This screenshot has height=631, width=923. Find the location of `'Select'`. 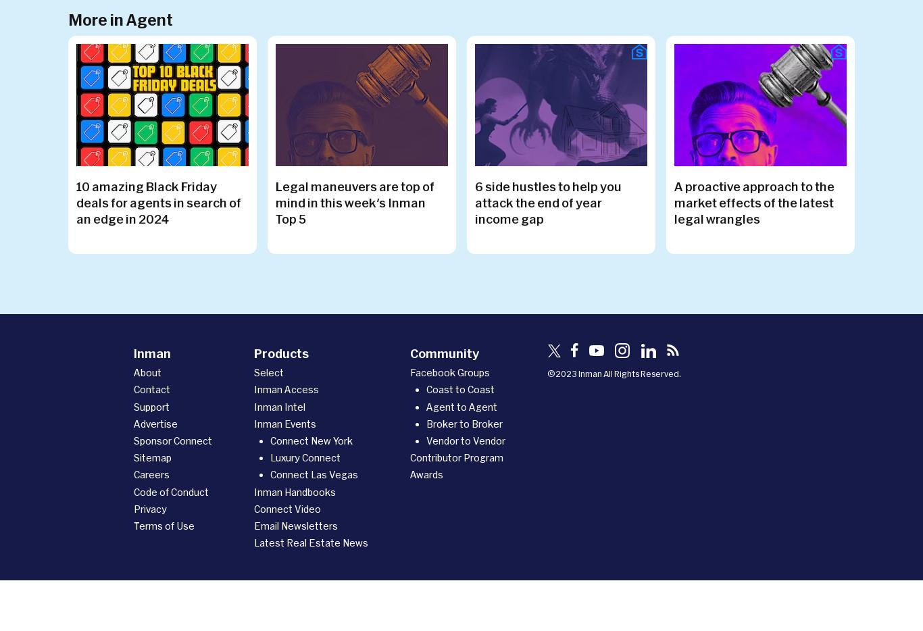

'Select' is located at coordinates (268, 372).